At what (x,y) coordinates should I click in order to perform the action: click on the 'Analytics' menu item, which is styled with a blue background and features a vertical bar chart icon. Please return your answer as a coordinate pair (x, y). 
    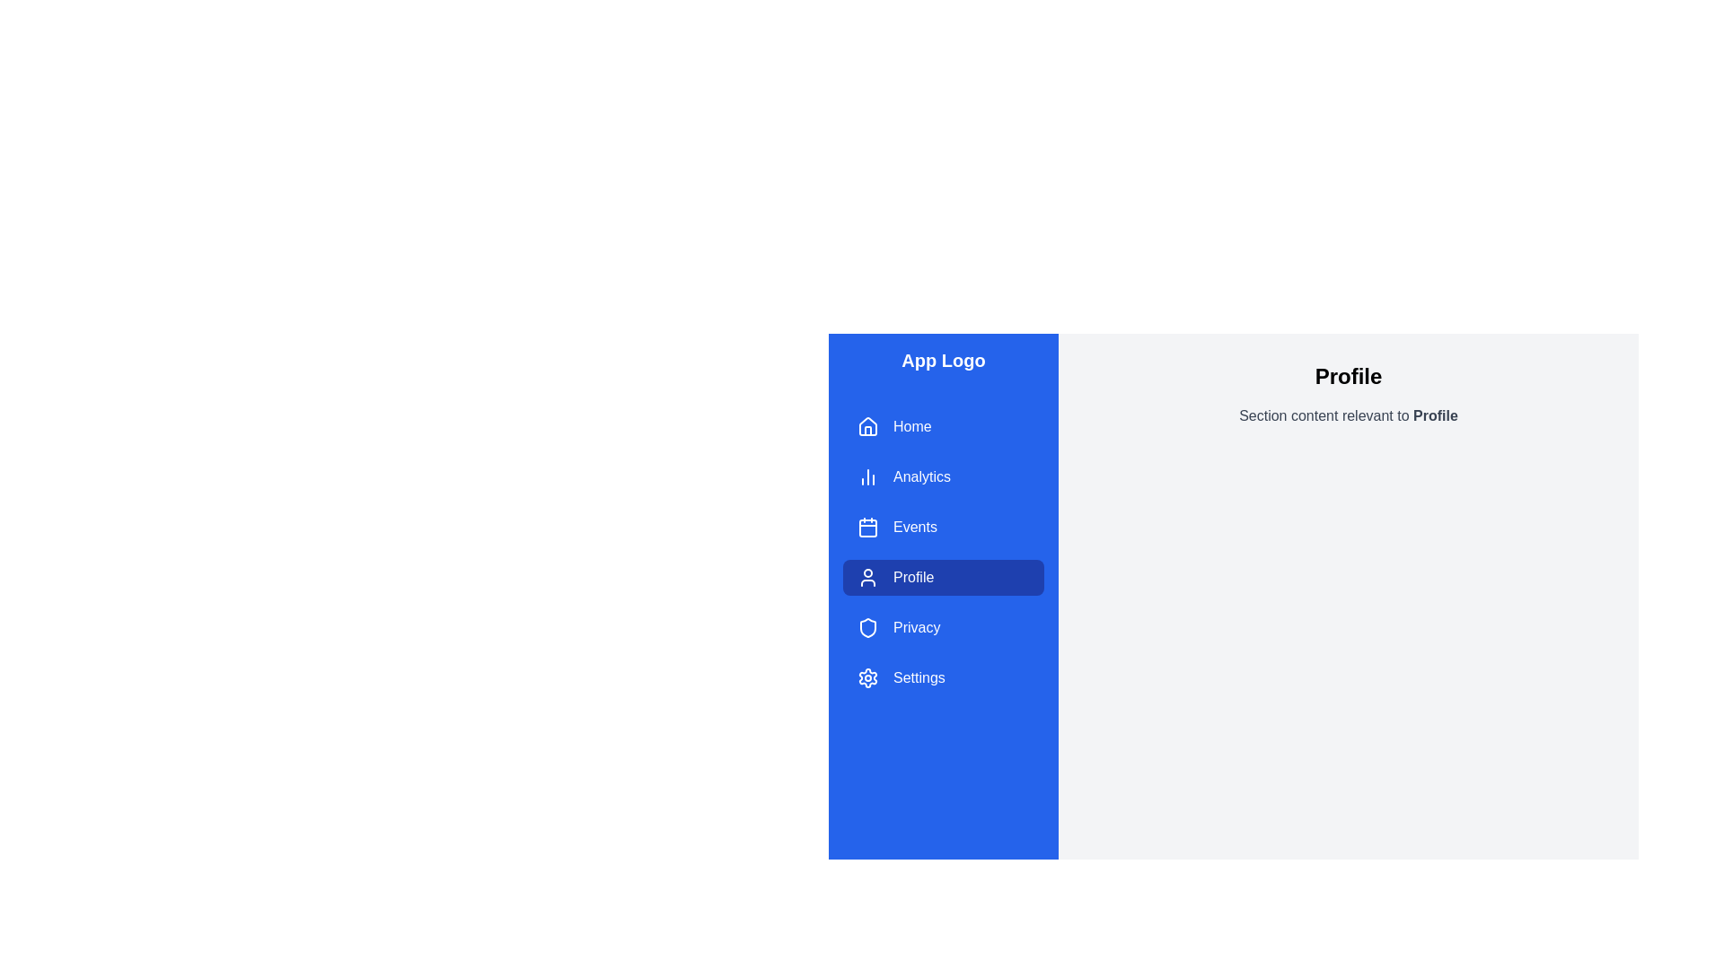
    Looking at the image, I should click on (943, 476).